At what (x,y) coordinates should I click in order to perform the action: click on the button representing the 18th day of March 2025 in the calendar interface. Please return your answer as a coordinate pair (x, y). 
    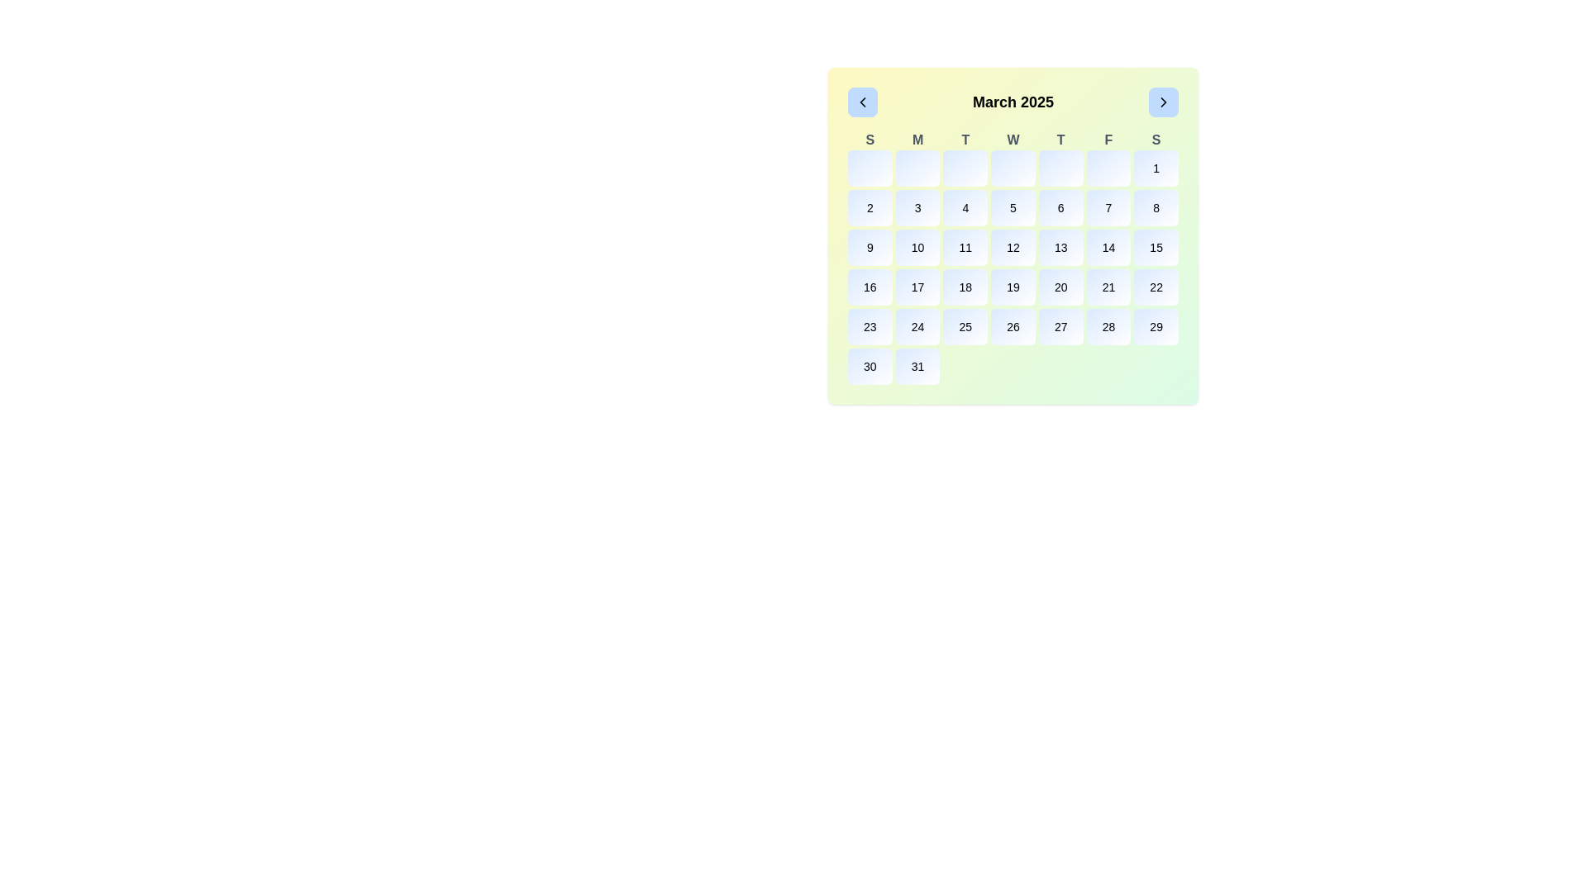
    Looking at the image, I should click on (965, 286).